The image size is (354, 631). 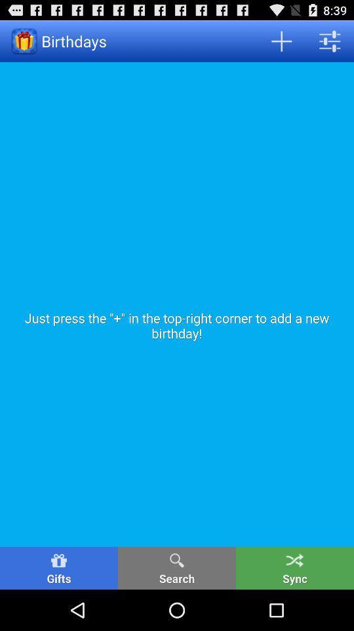 I want to click on the icon to the left of sync button, so click(x=177, y=567).